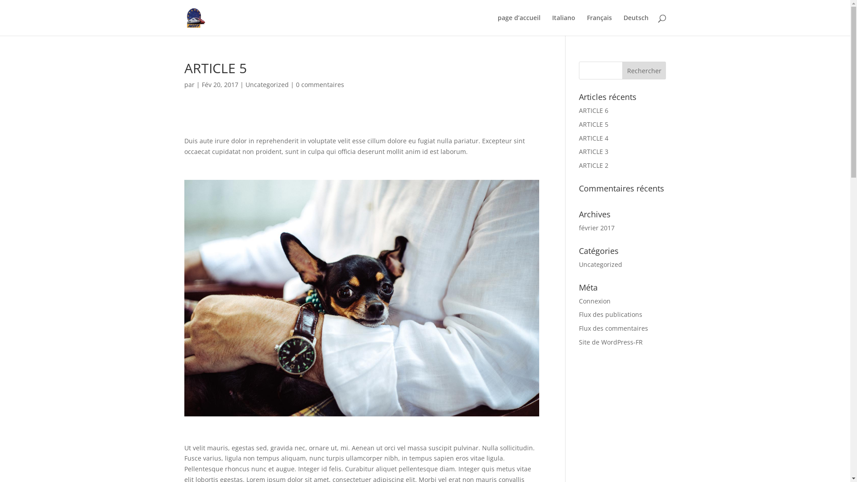 The width and height of the screenshot is (857, 482). Describe the element at coordinates (578, 314) in the screenshot. I see `'Flux des publications'` at that location.